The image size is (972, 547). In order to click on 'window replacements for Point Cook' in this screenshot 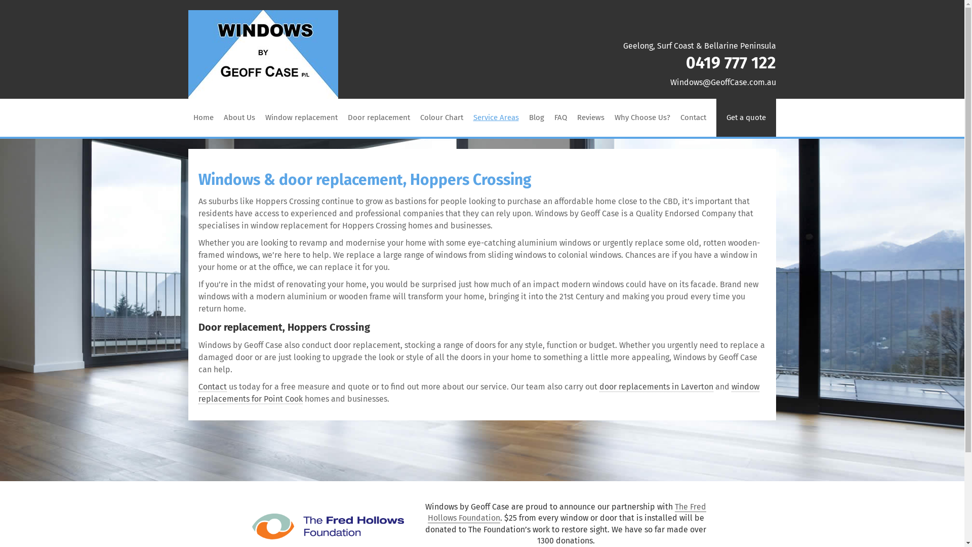, I will do `click(198, 392)`.